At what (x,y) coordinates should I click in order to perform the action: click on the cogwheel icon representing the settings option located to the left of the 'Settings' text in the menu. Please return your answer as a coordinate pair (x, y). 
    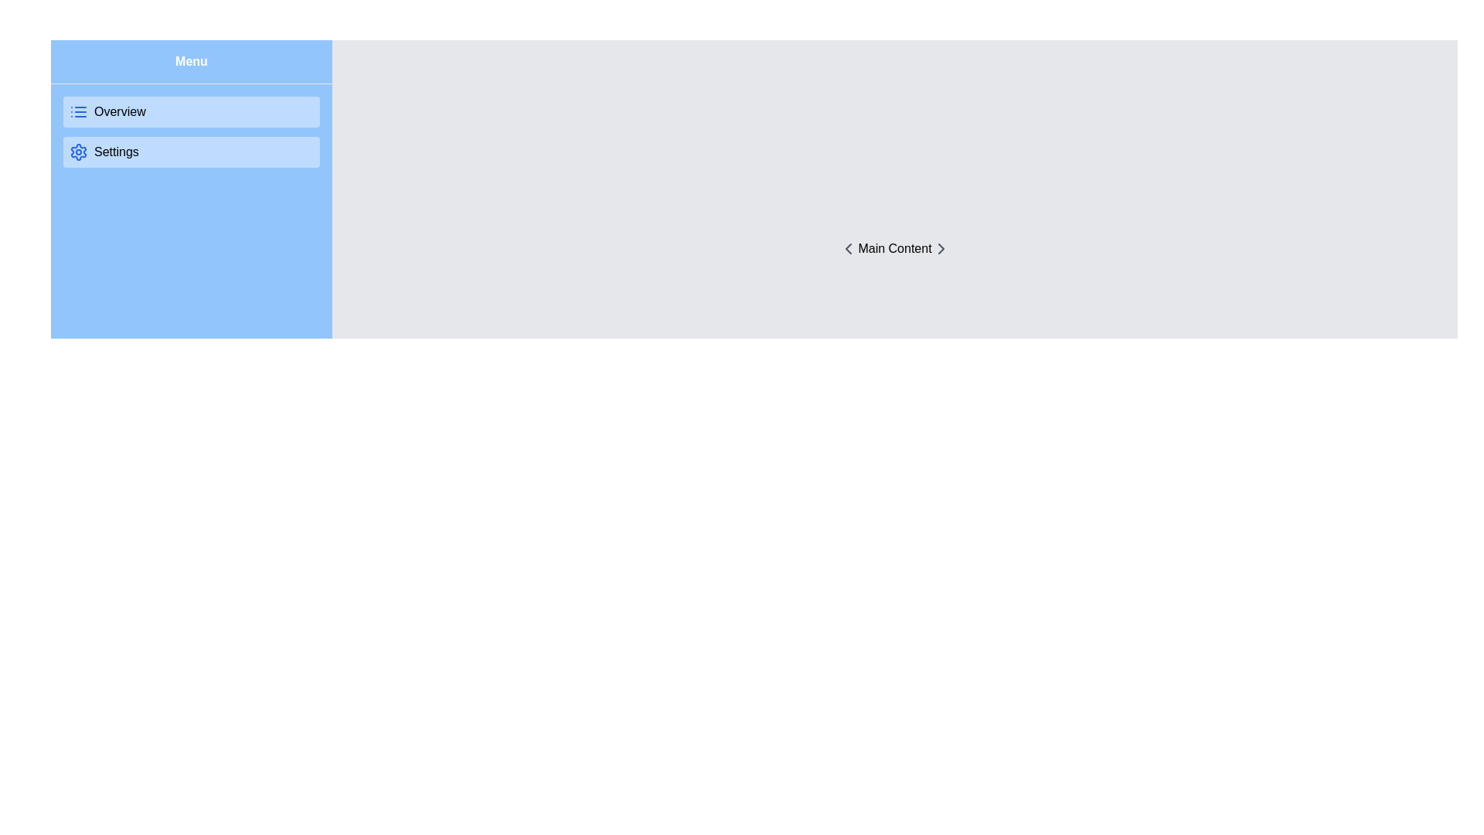
    Looking at the image, I should click on (77, 152).